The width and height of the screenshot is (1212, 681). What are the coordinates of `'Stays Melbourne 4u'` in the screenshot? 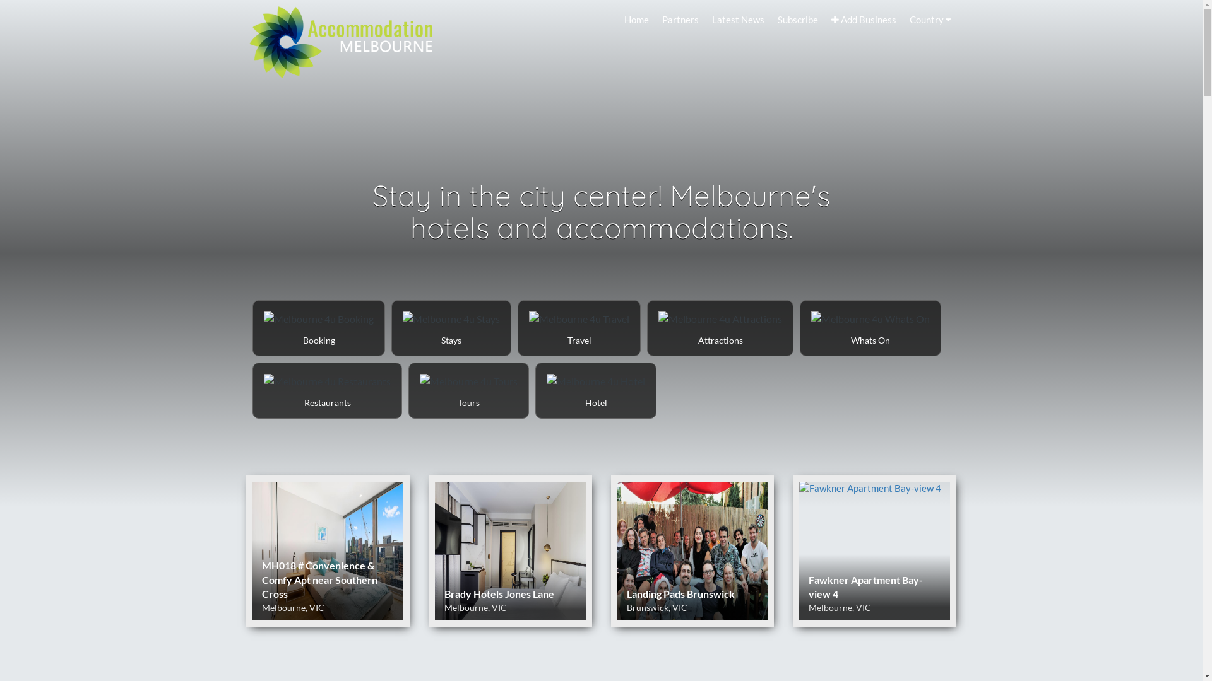 It's located at (451, 327).